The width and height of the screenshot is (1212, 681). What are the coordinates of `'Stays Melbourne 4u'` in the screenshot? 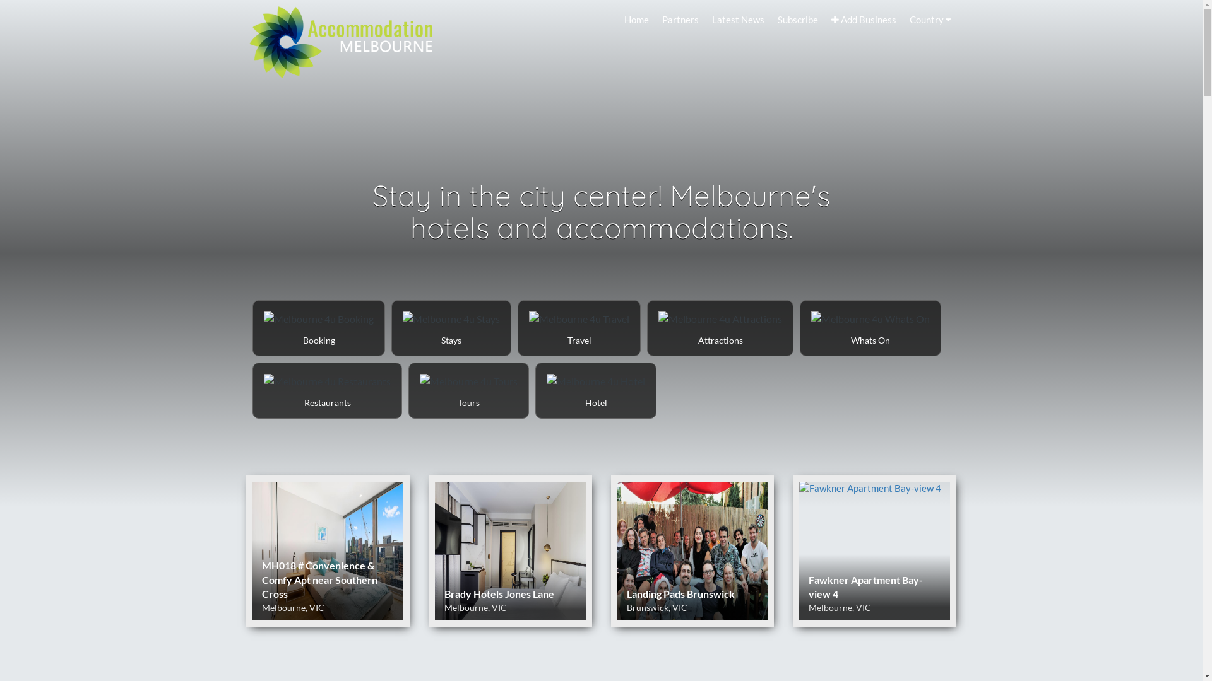 It's located at (451, 327).